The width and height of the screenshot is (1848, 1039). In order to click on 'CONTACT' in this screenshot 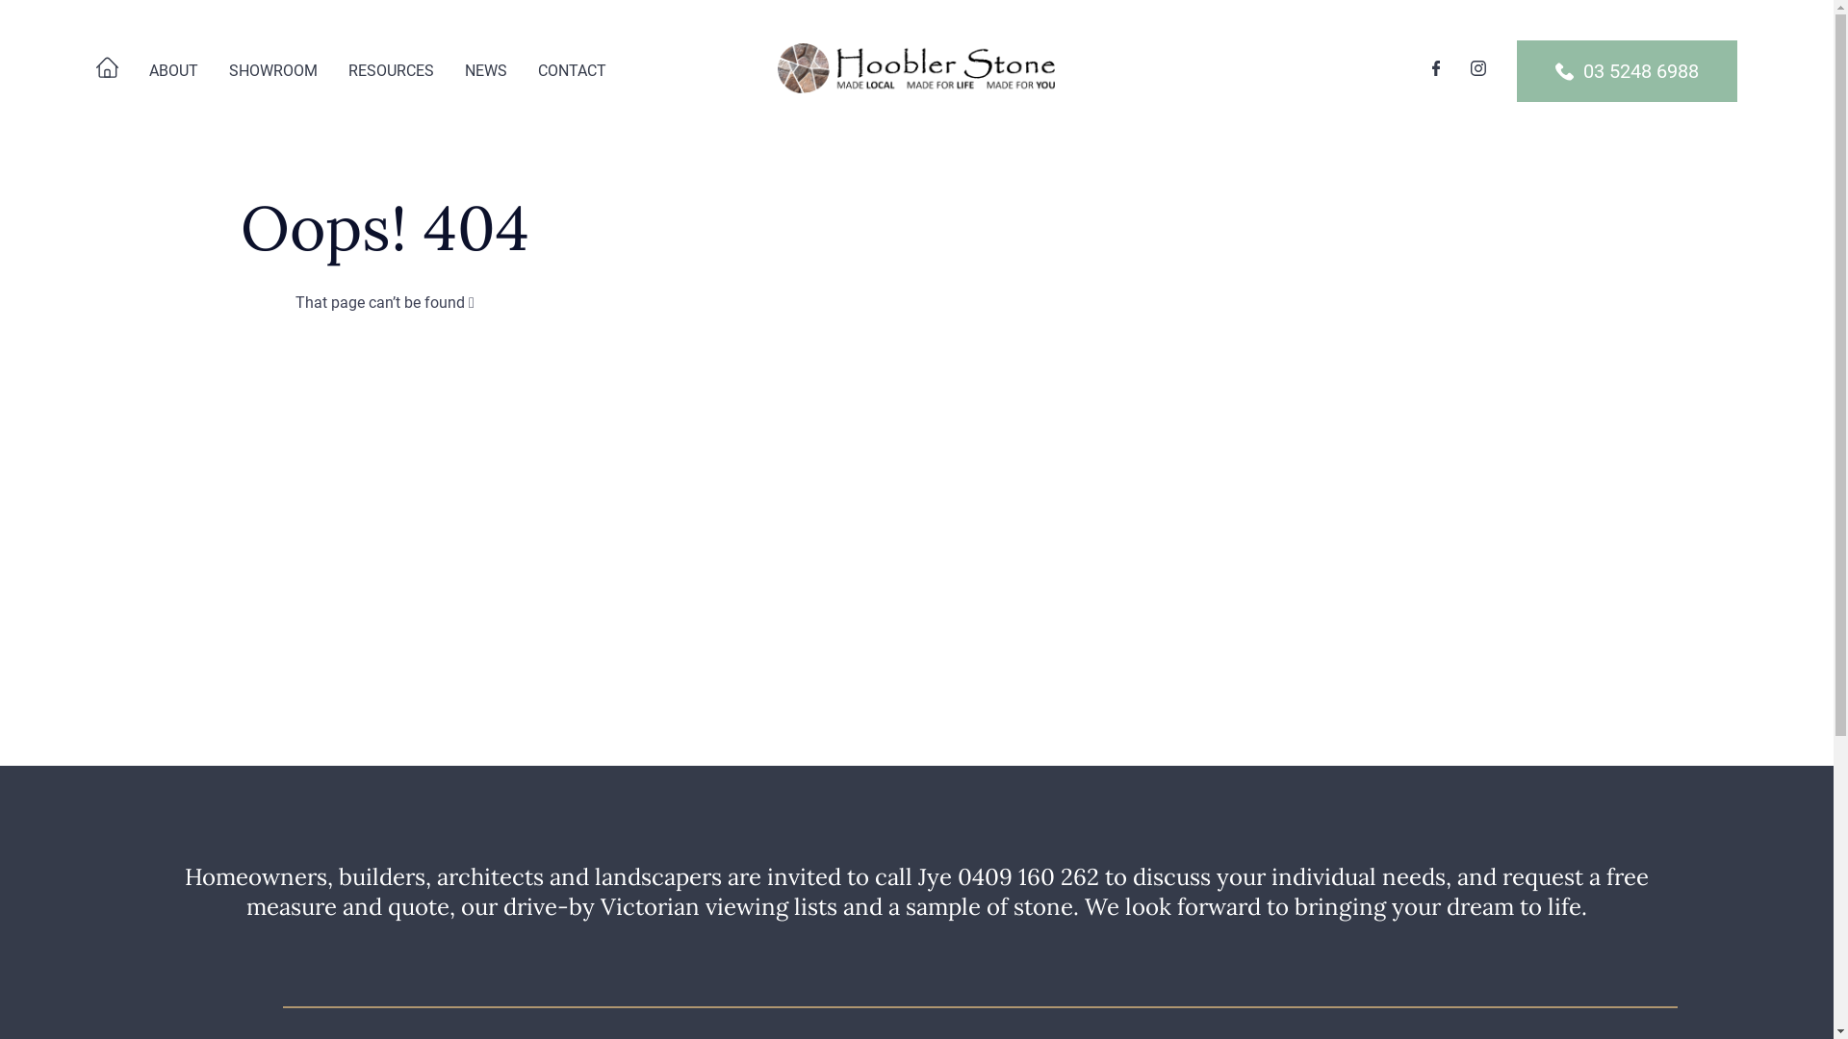, I will do `click(571, 69)`.